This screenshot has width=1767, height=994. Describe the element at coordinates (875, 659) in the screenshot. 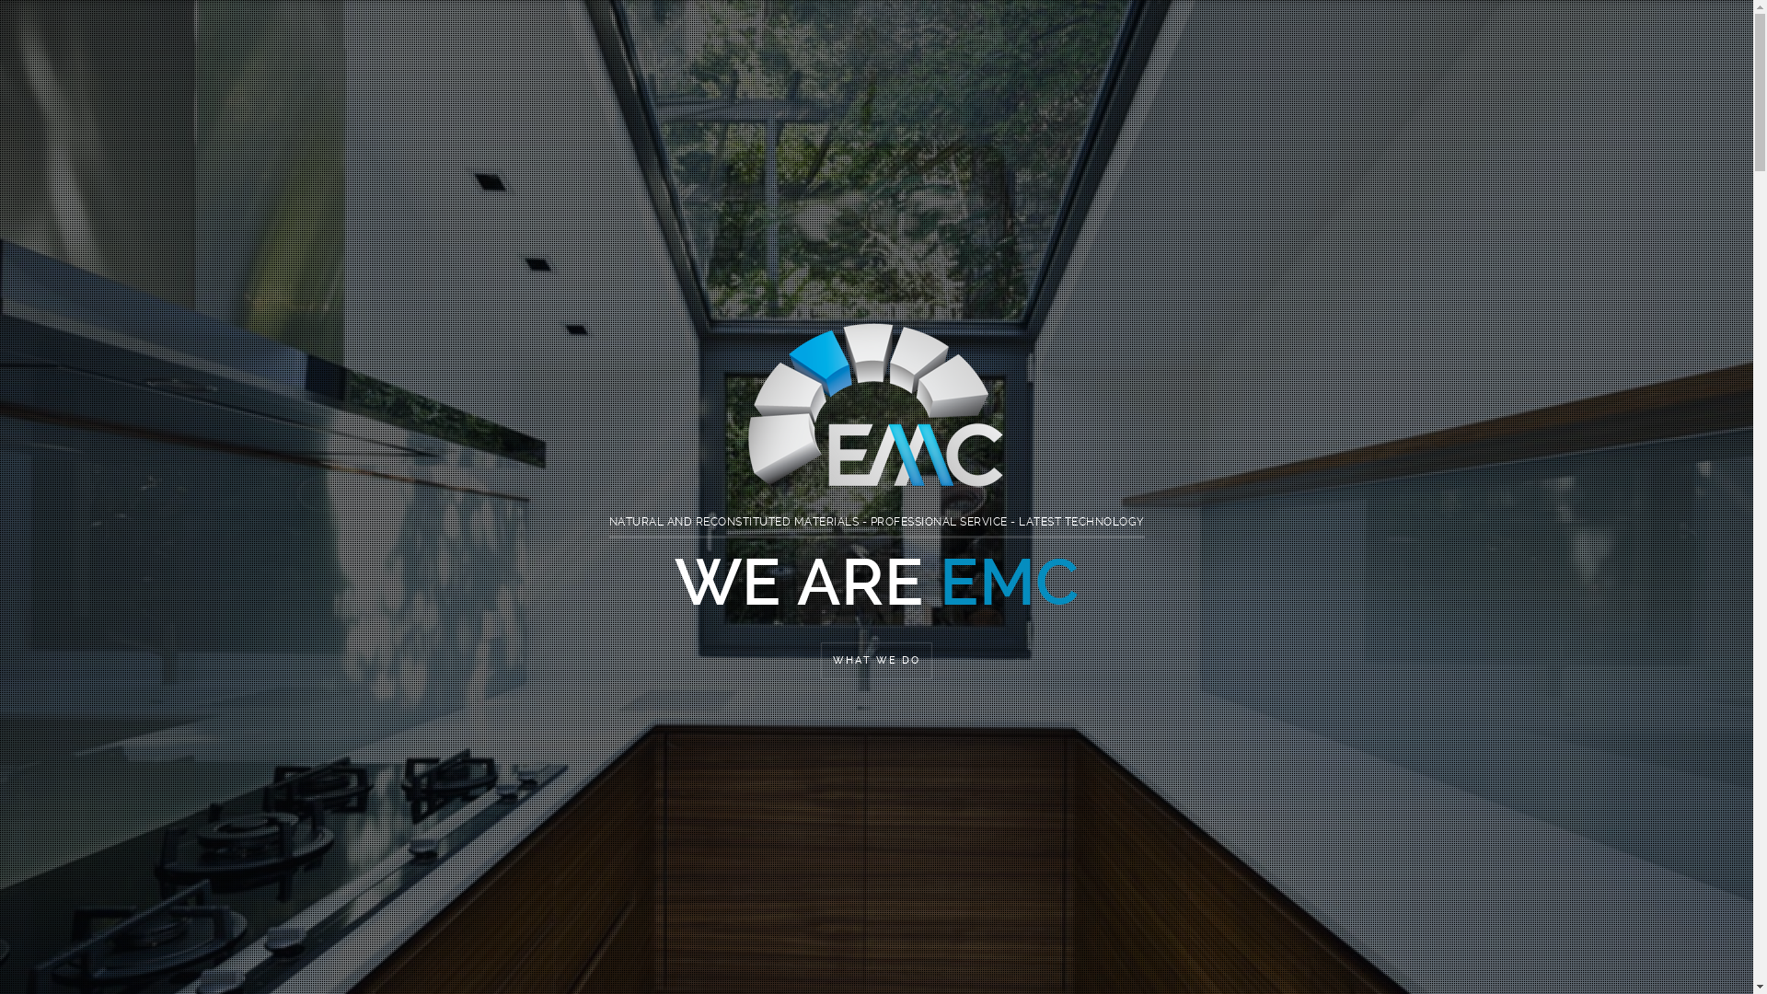

I see `'WHAT WE DO'` at that location.